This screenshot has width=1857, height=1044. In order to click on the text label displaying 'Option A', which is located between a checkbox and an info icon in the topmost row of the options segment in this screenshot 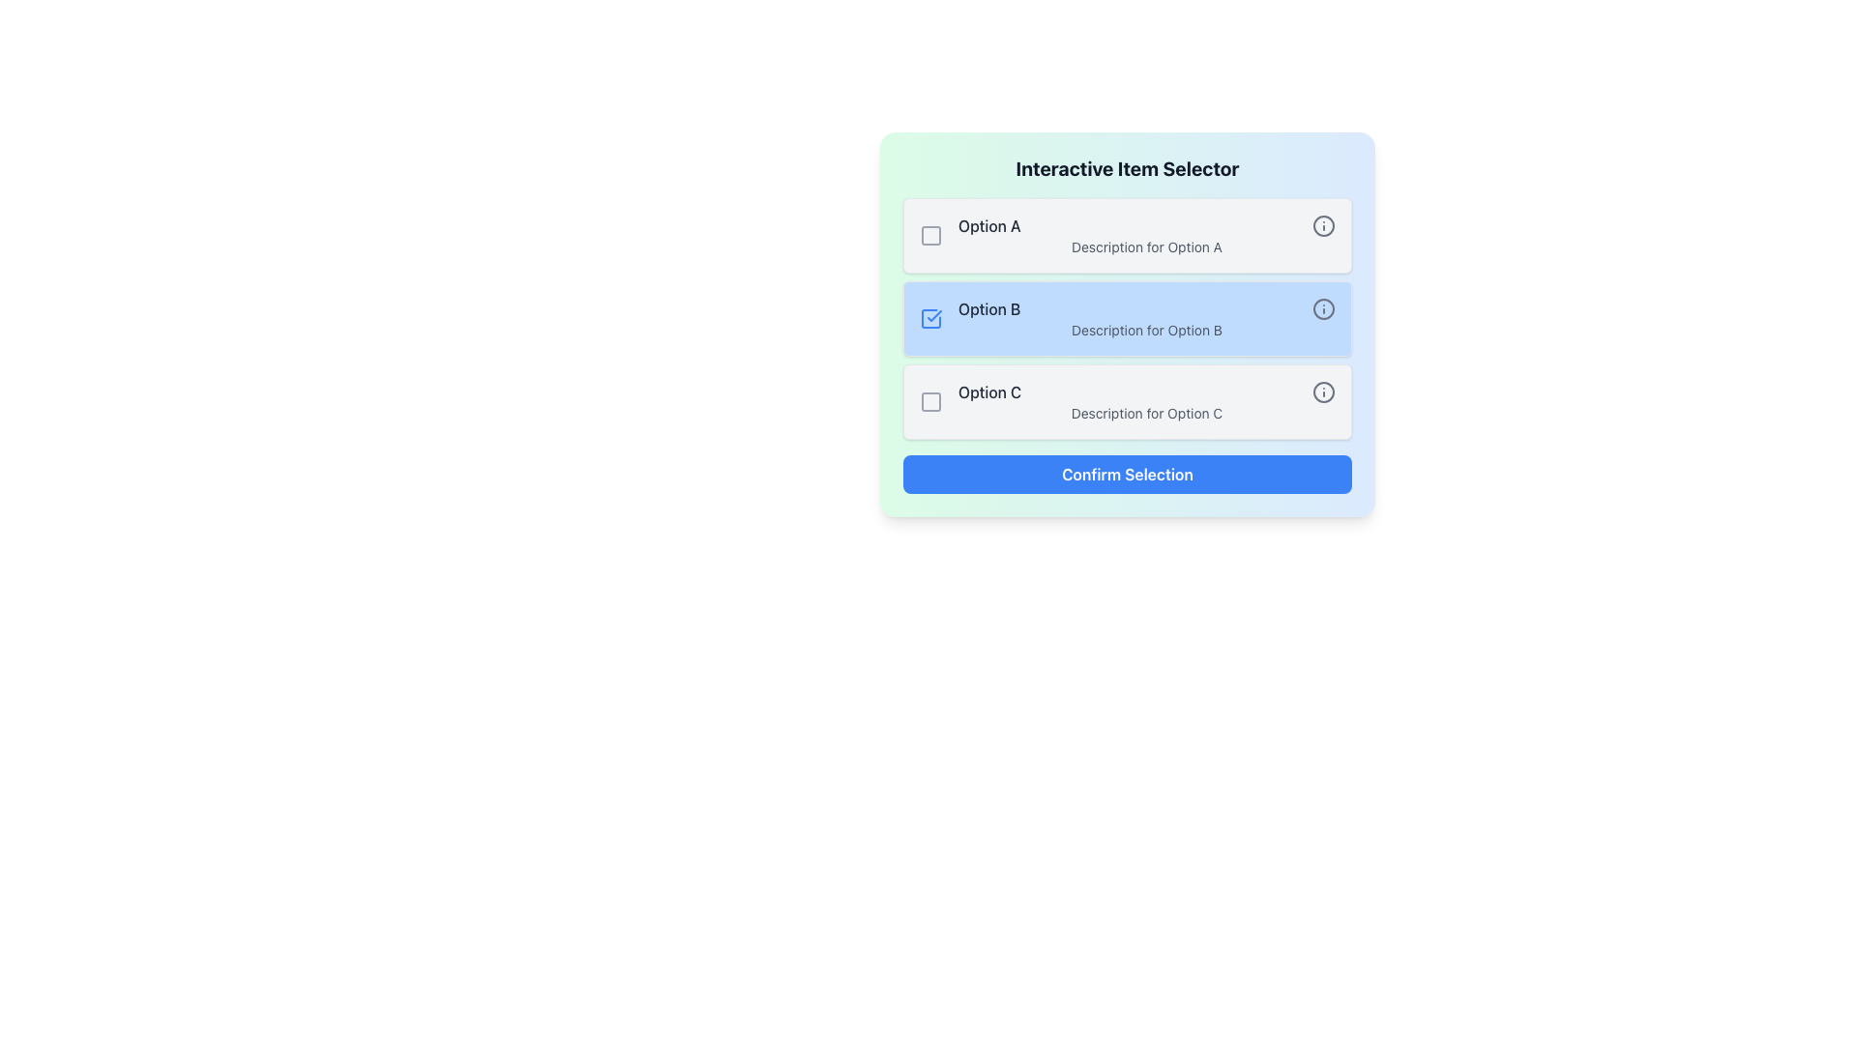, I will do `click(989, 225)`.